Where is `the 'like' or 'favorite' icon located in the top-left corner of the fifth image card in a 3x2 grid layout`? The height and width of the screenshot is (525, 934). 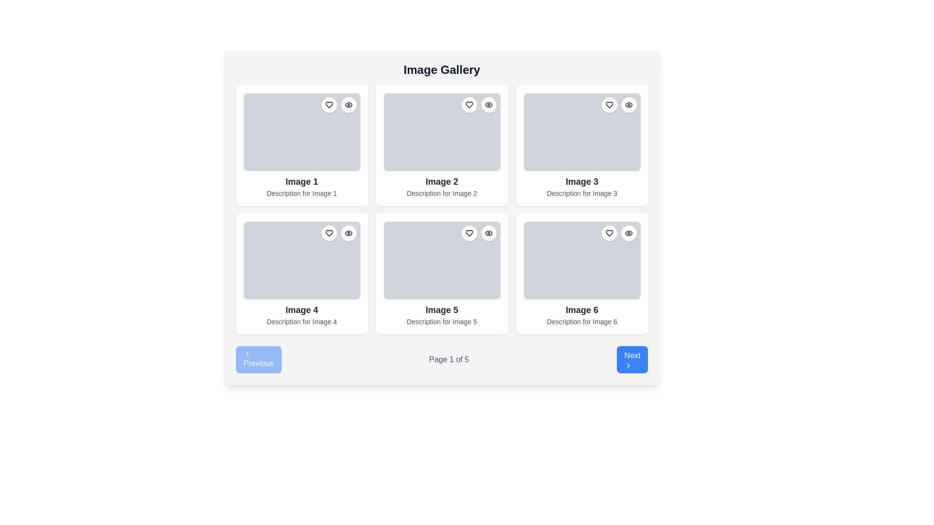 the 'like' or 'favorite' icon located in the top-left corner of the fifth image card in a 3x2 grid layout is located at coordinates (469, 233).